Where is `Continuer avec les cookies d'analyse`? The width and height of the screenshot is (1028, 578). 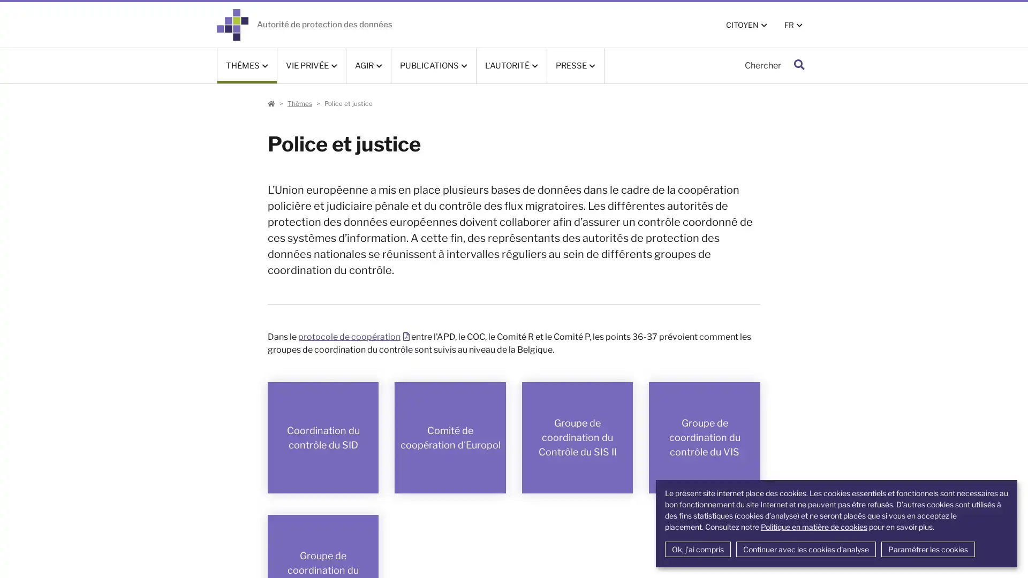 Continuer avec les cookies d'analyse is located at coordinates (805, 549).